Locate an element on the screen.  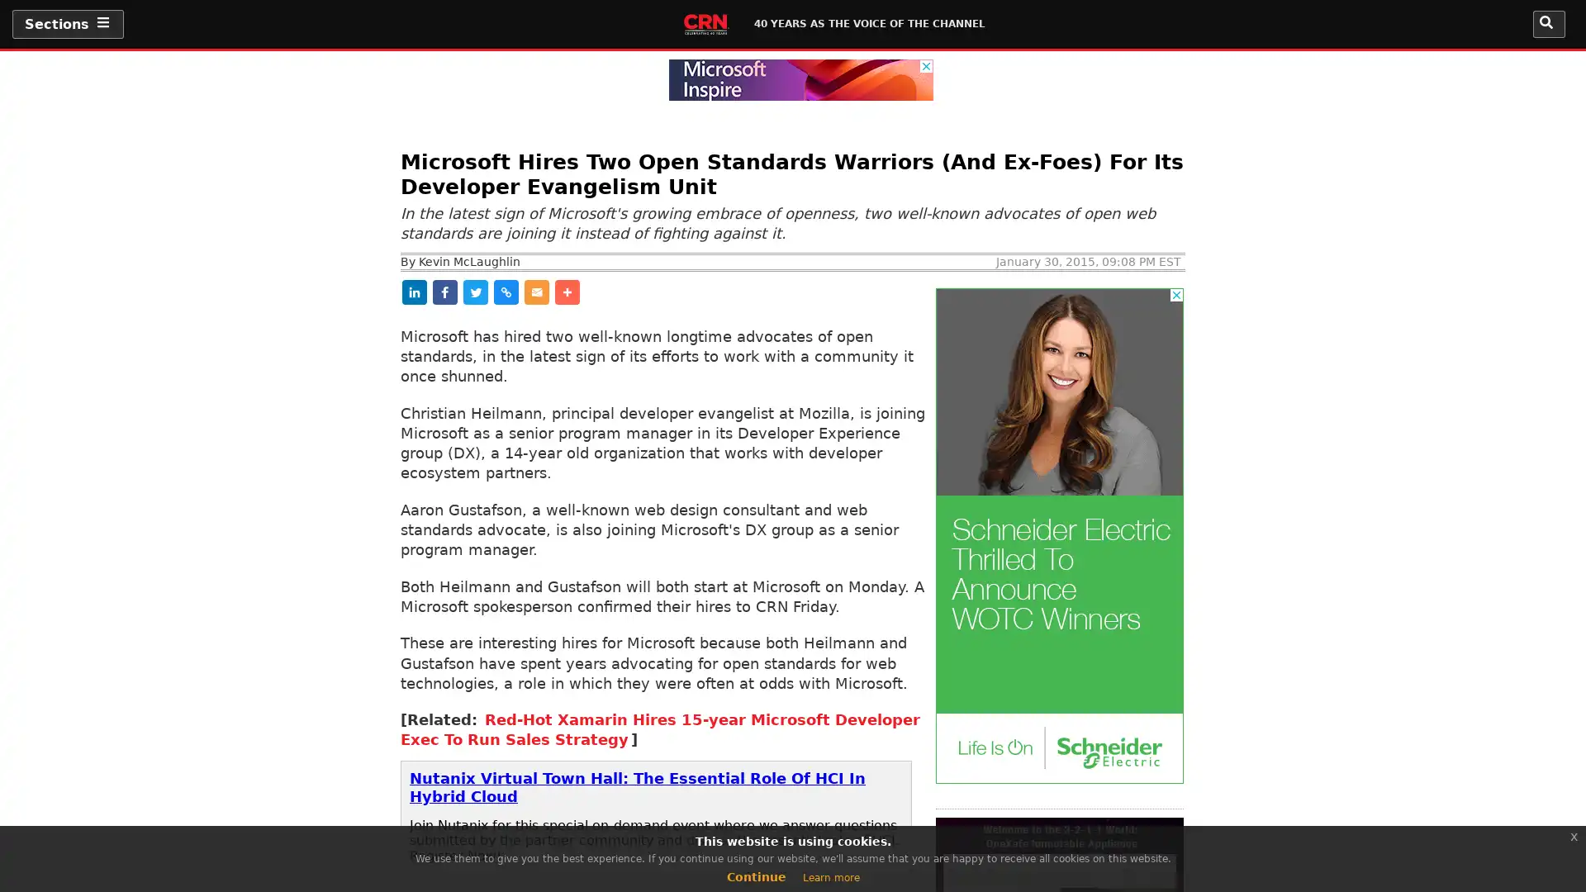
Share to More More is located at coordinates (849, 291).